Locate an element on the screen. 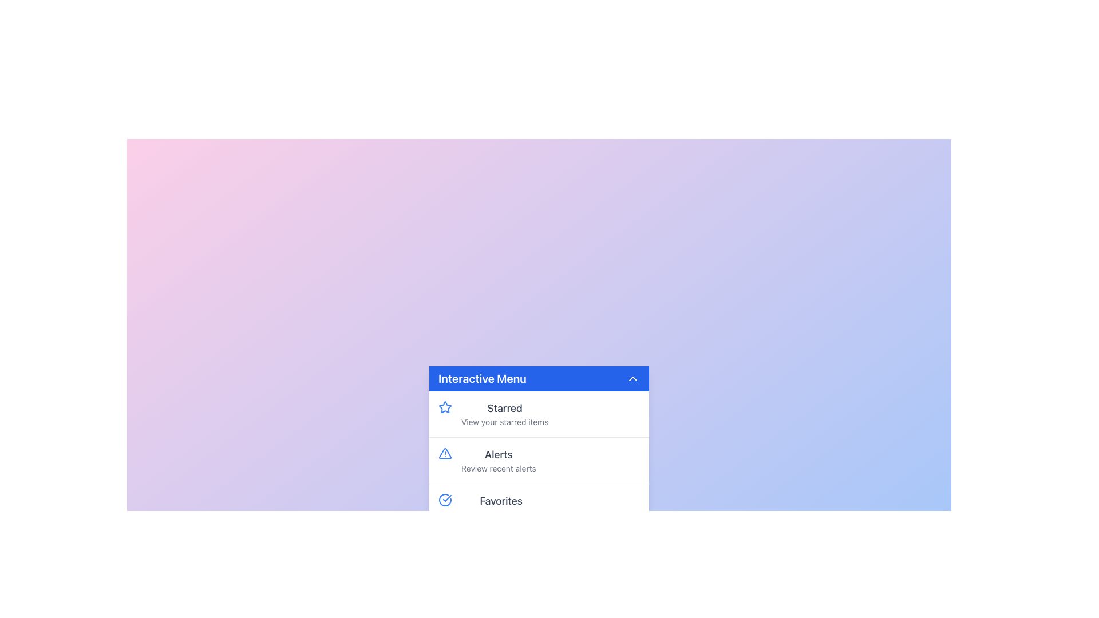  the first button under the 'Interactive Menu' header is located at coordinates (538, 414).